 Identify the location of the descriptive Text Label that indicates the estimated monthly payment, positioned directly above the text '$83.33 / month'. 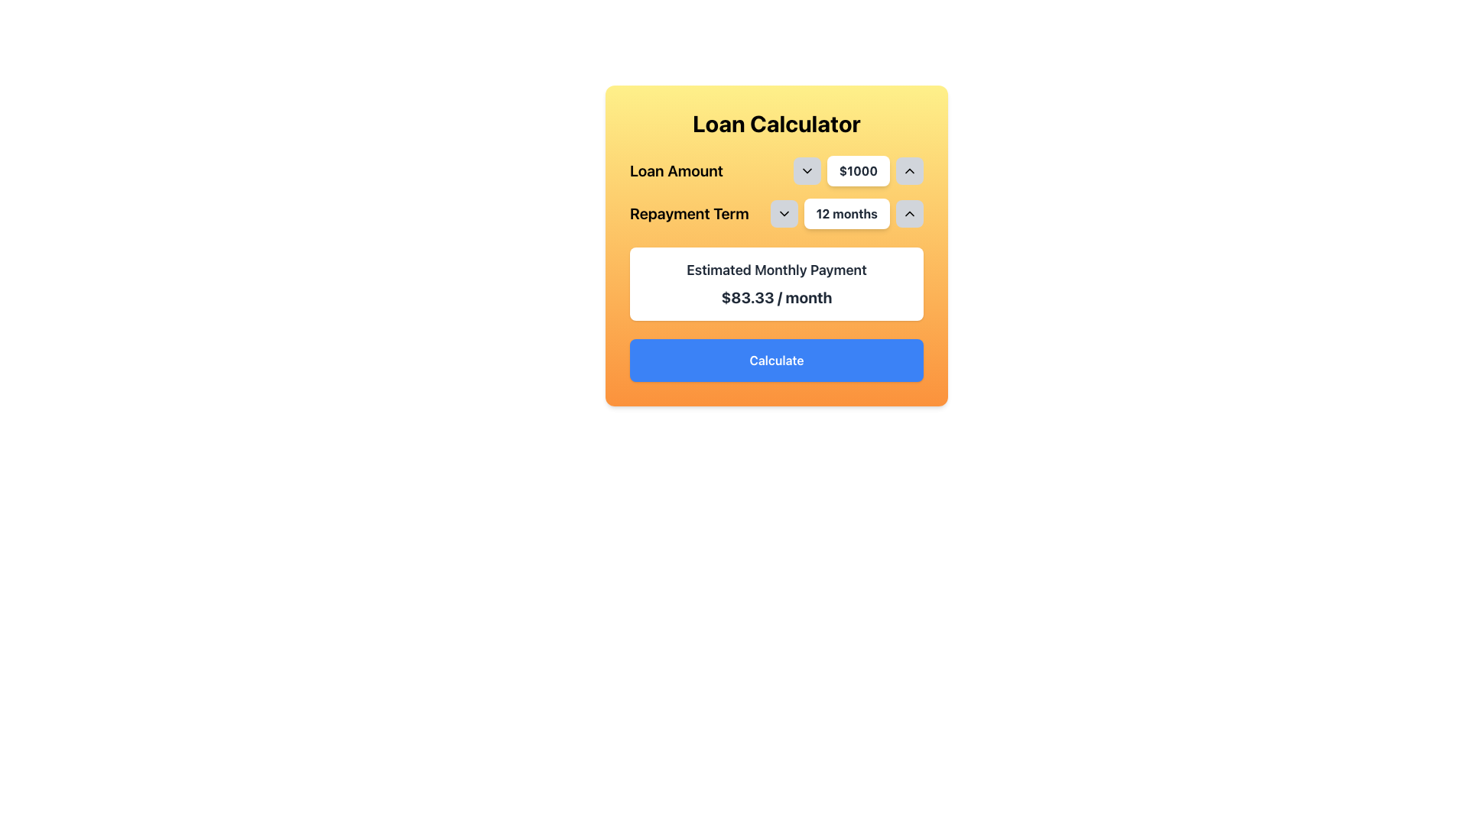
(777, 270).